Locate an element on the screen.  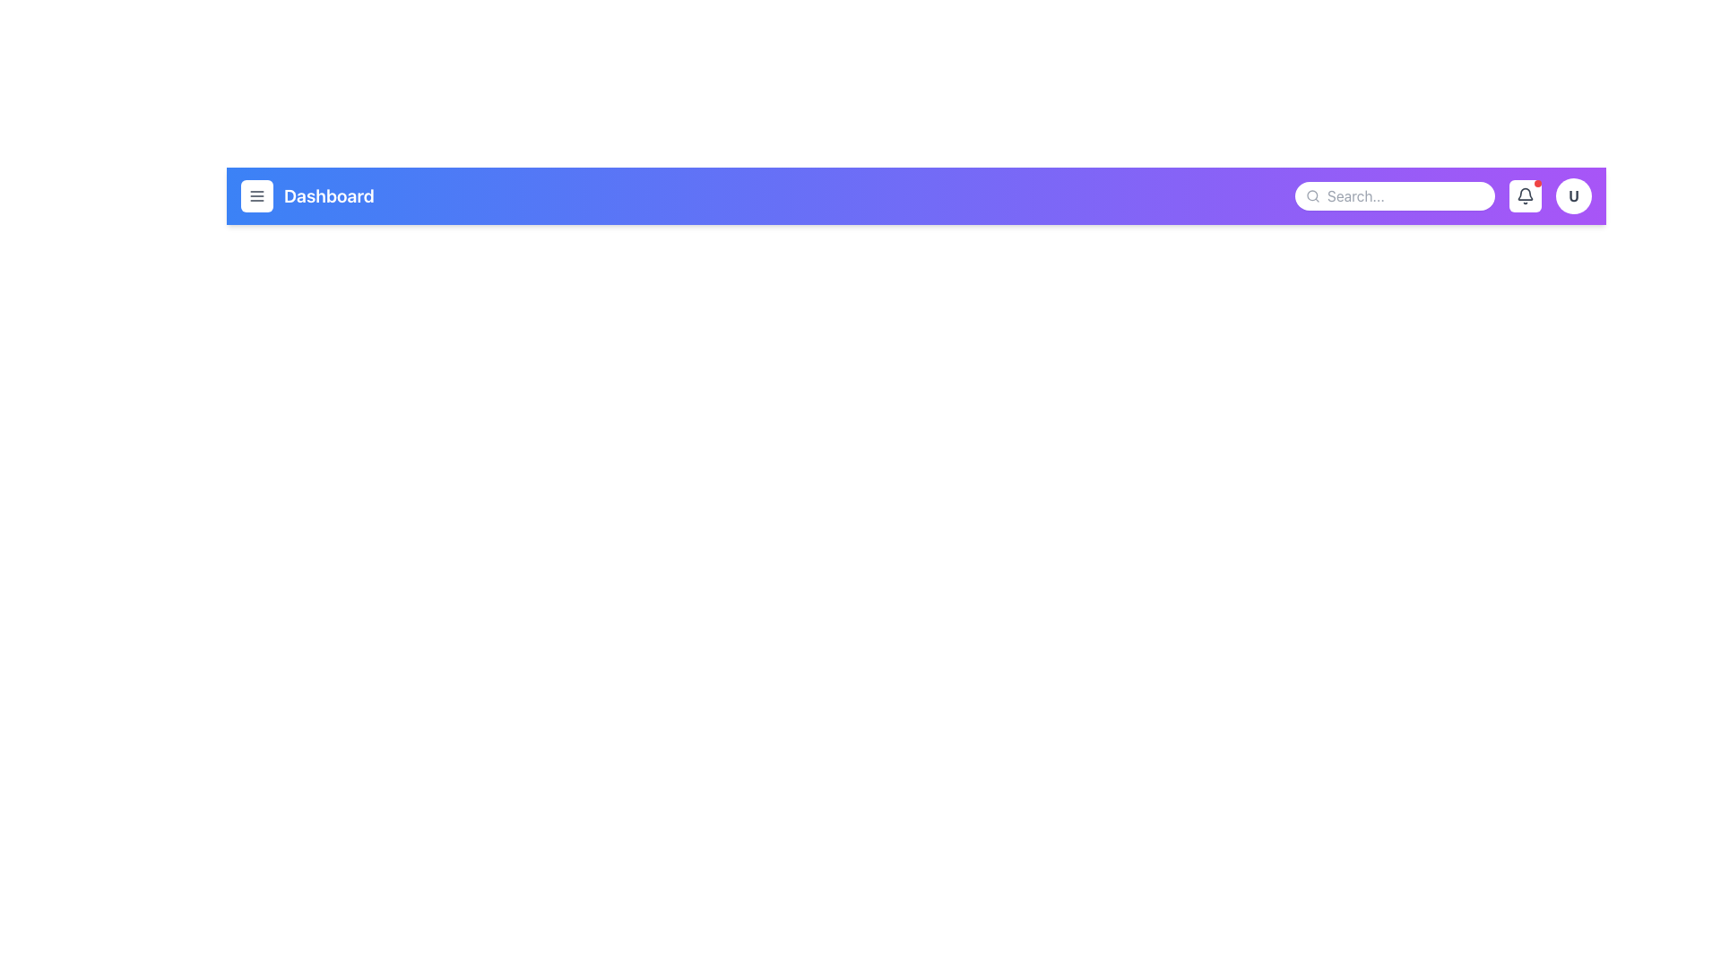
on the circular Avatar or Profile Placeholder located on the right edge of the top navigation bar, which features a bold 'U' in the center is located at coordinates (1573, 196).